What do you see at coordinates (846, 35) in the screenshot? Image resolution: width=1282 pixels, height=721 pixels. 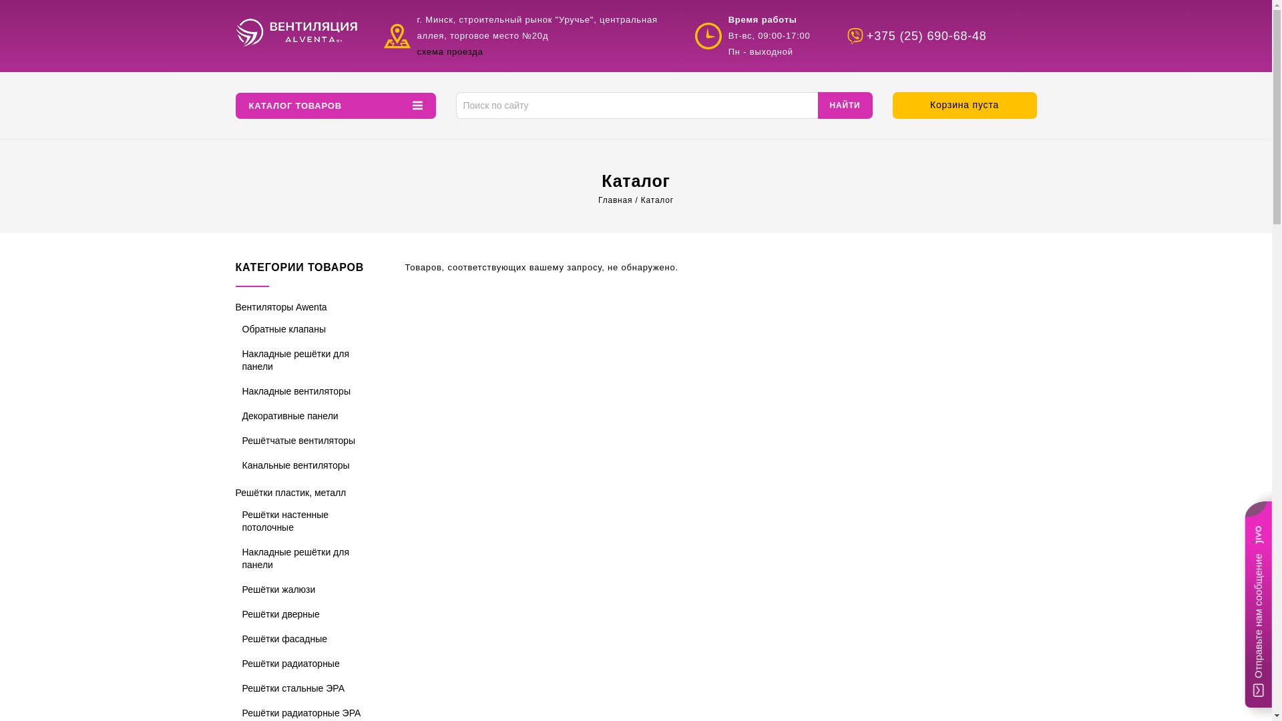 I see `'+375 (25) 690-68-48'` at bounding box center [846, 35].